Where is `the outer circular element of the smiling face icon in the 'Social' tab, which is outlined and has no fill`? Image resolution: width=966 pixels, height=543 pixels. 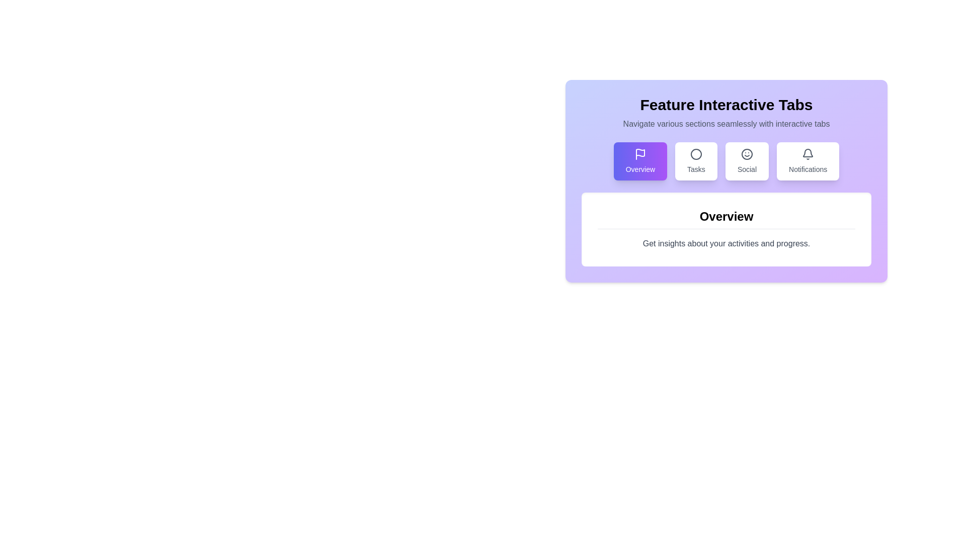 the outer circular element of the smiling face icon in the 'Social' tab, which is outlined and has no fill is located at coordinates (747, 154).